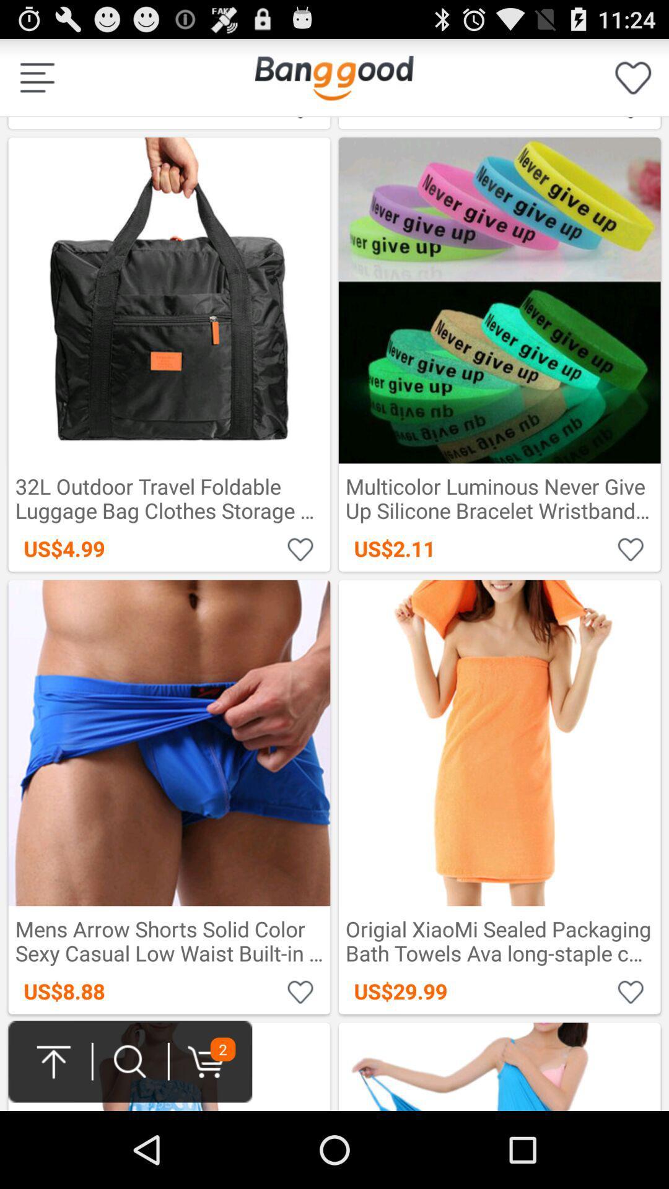  What do you see at coordinates (631, 991) in the screenshot?
I see `like` at bounding box center [631, 991].